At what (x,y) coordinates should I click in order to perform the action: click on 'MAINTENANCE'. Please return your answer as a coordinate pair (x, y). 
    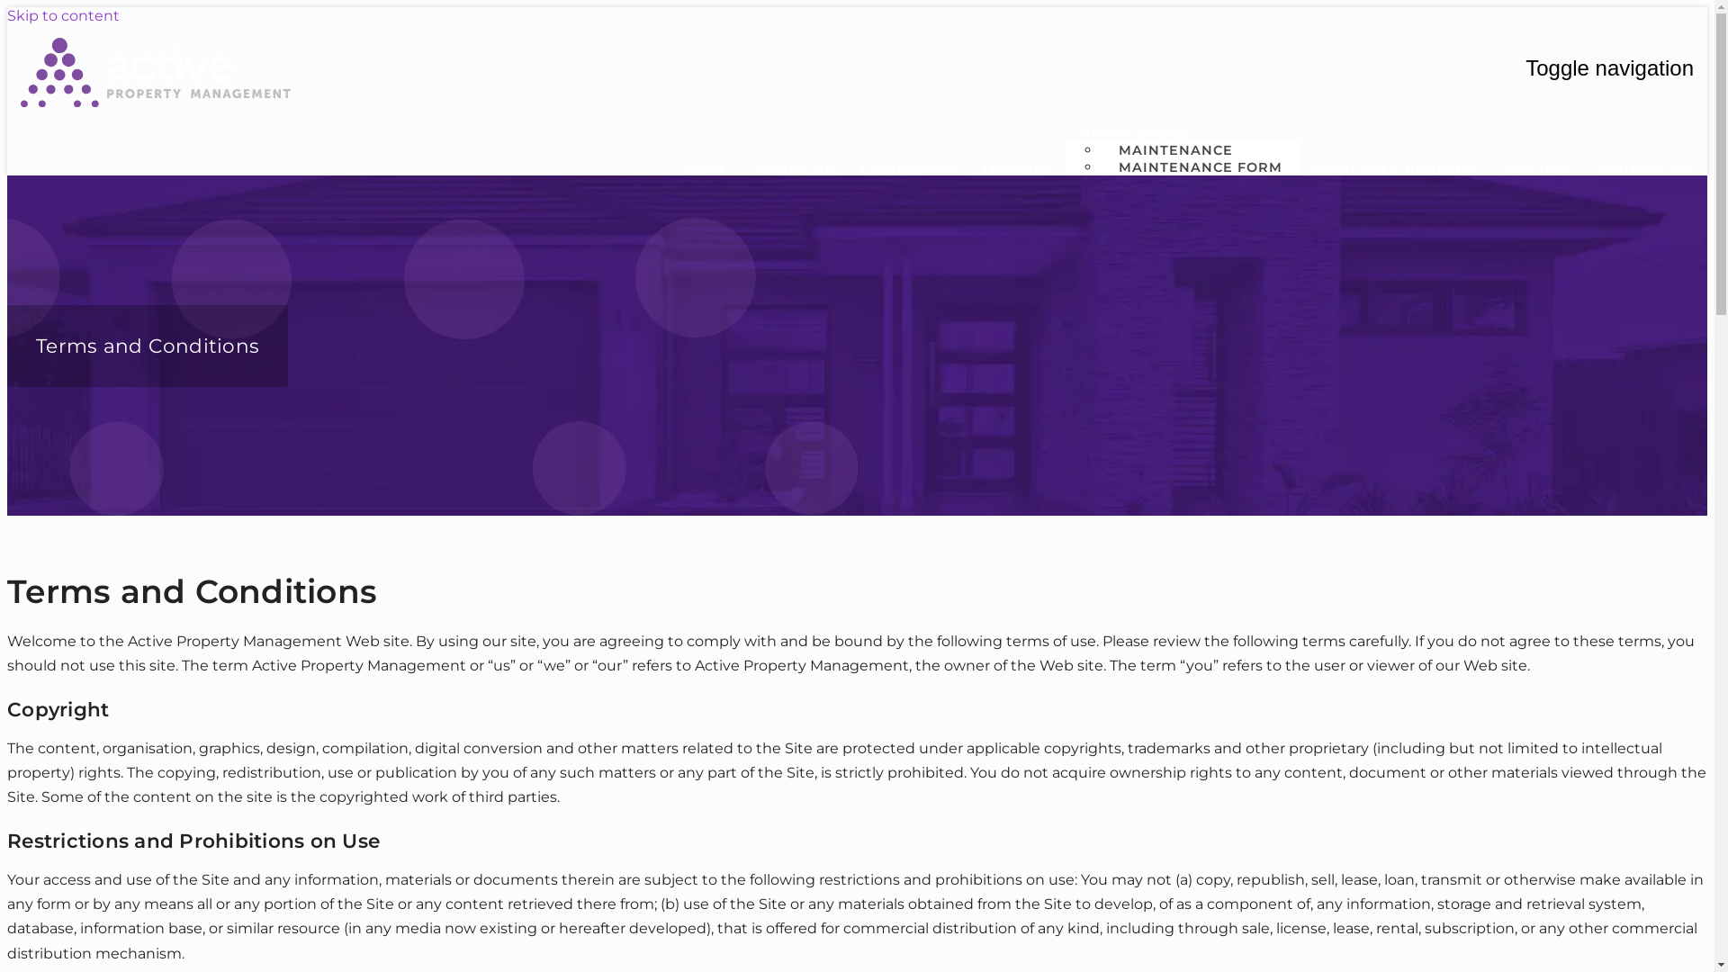
    Looking at the image, I should click on (1175, 148).